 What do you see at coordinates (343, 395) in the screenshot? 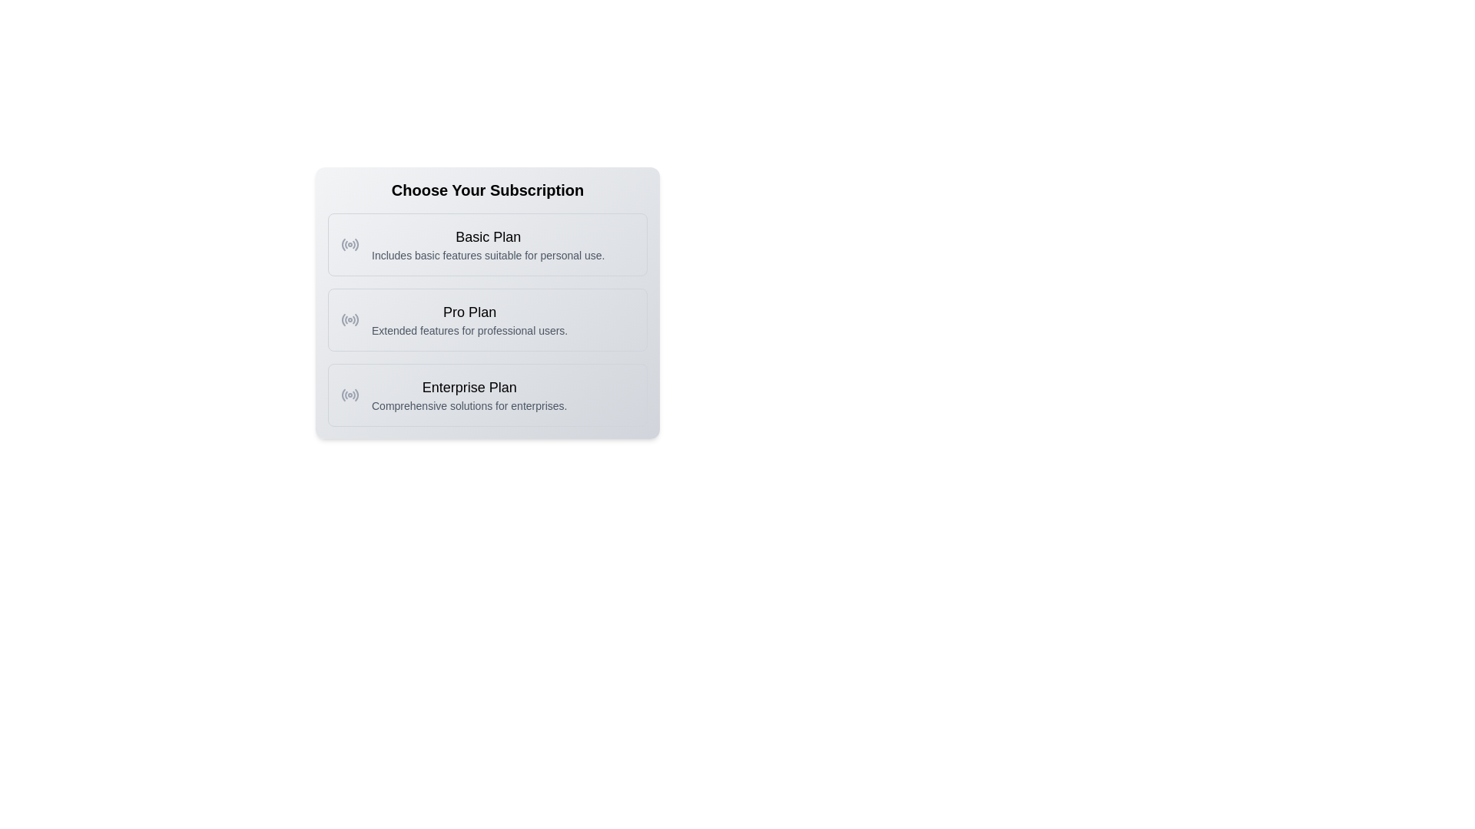
I see `the gray curved line resembling an arc, which is part of the icon for the 'Enterprise Plan' subscription option` at bounding box center [343, 395].